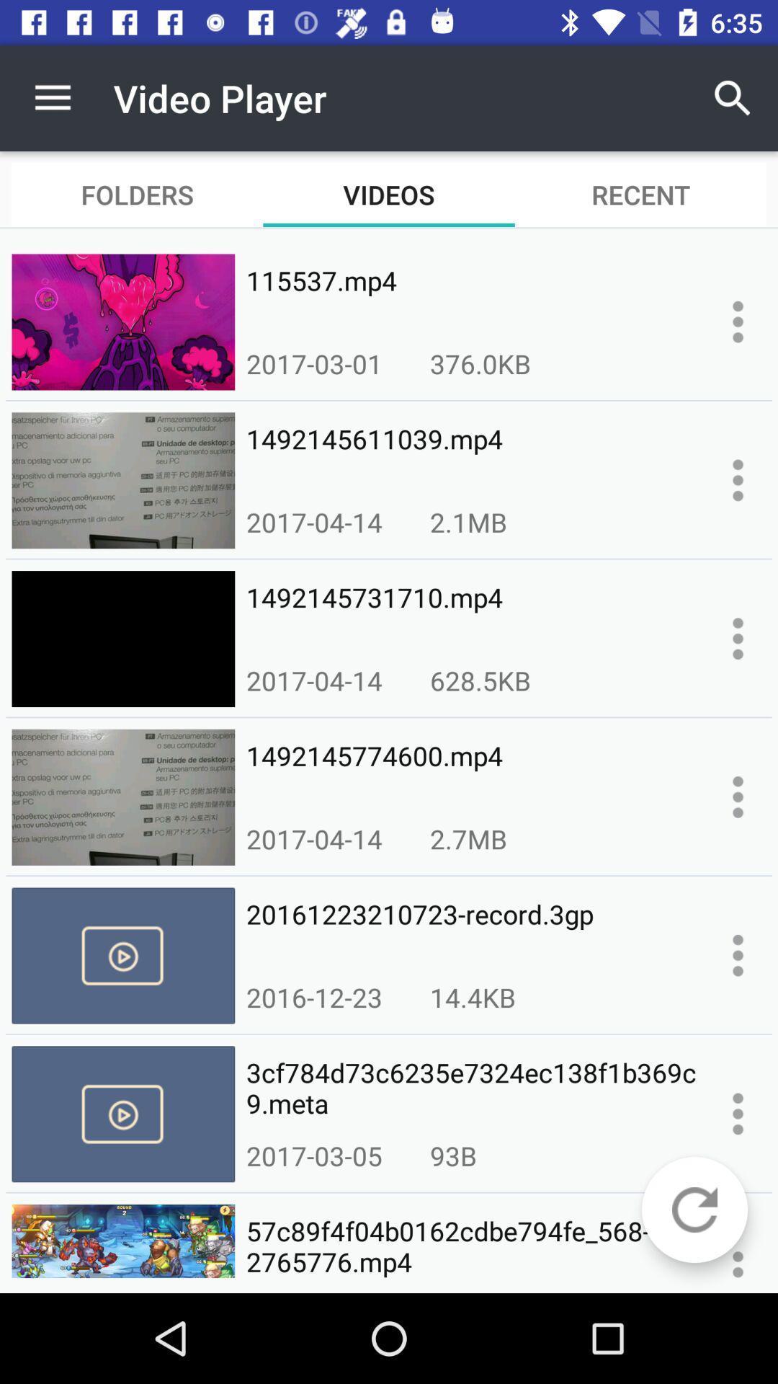 The image size is (778, 1384). I want to click on options, so click(738, 638).